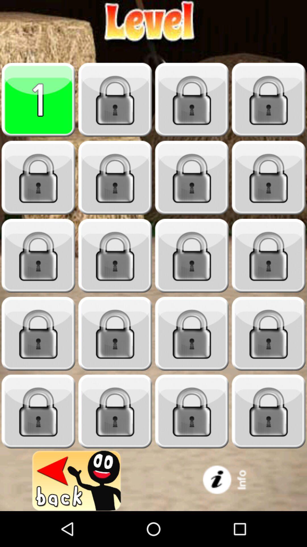  I want to click on open level icon, so click(115, 334).